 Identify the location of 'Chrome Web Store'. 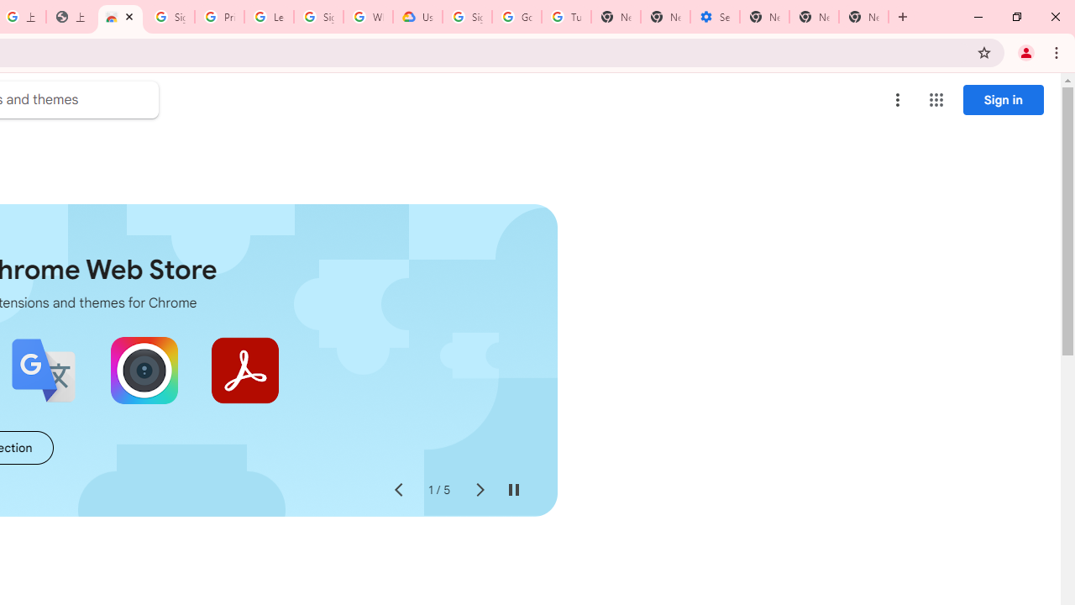
(119, 17).